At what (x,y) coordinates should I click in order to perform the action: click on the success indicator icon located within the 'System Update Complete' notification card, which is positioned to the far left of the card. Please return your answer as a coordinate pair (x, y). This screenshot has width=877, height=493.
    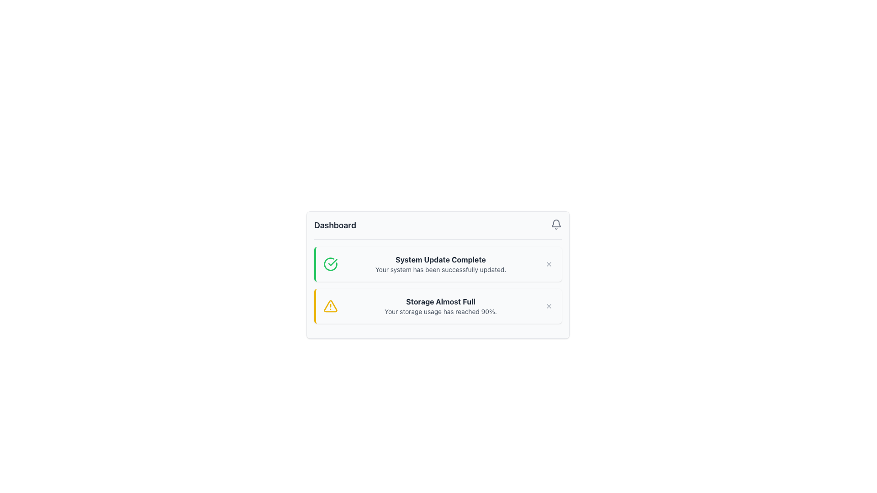
    Looking at the image, I should click on (330, 264).